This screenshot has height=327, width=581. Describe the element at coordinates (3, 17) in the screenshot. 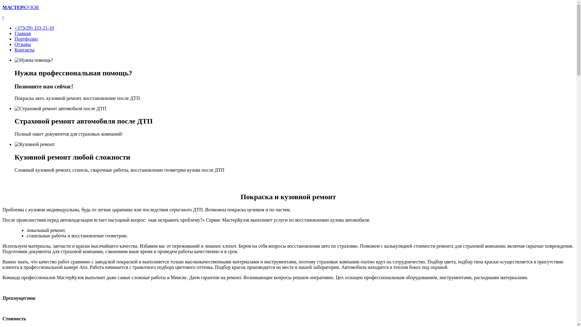

I see `'Main Menu'` at that location.